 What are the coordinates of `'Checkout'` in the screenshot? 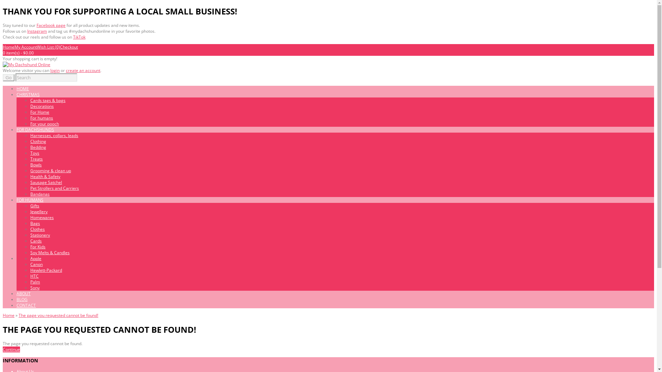 It's located at (69, 46).